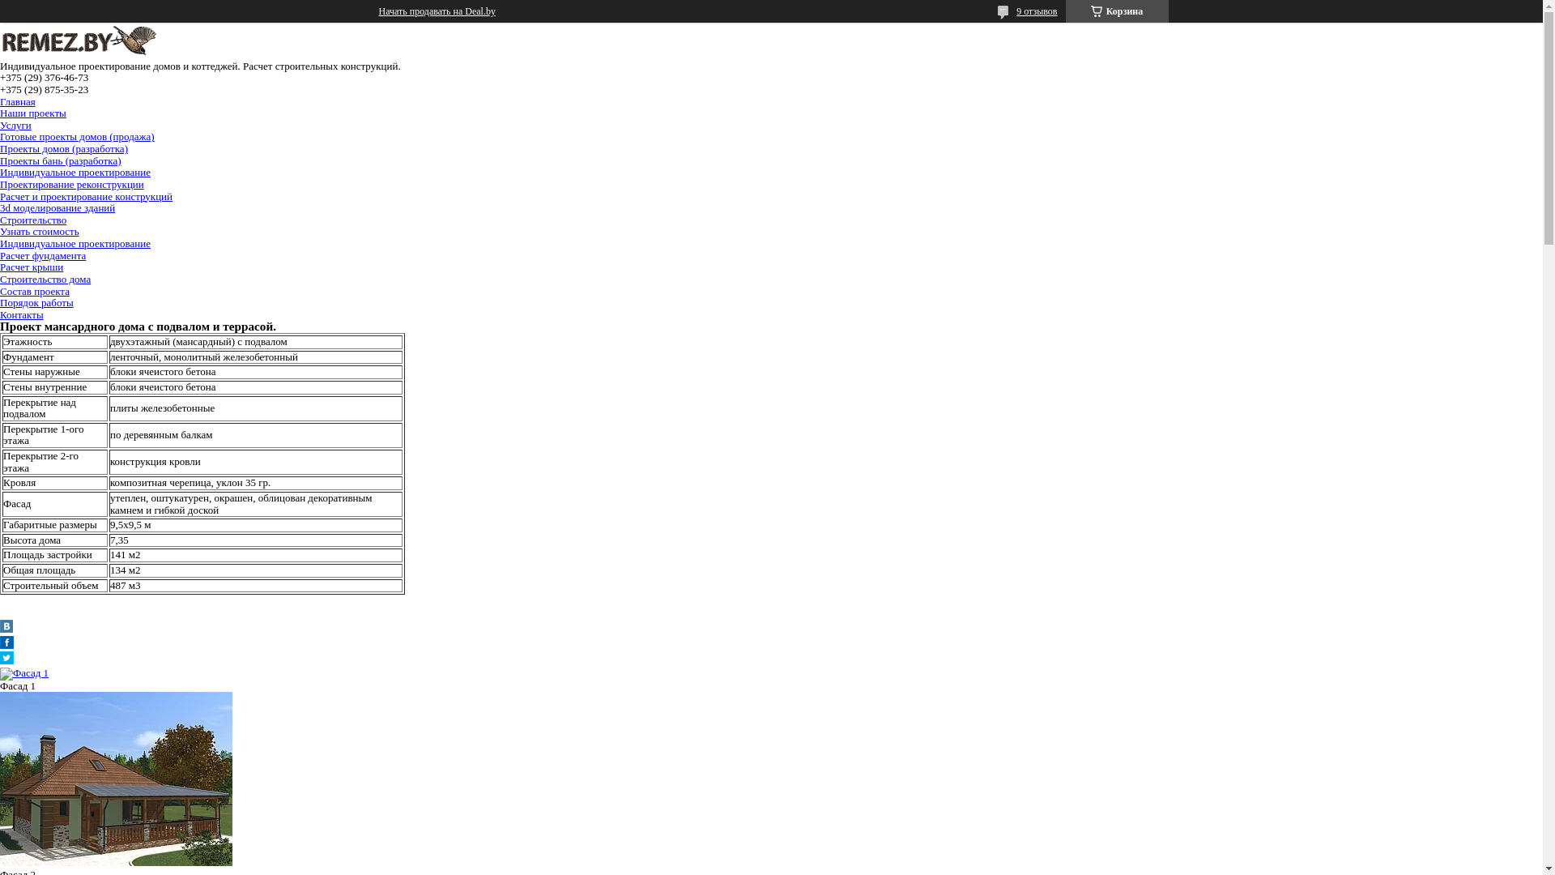  Describe the element at coordinates (6, 660) in the screenshot. I see `'twitter'` at that location.